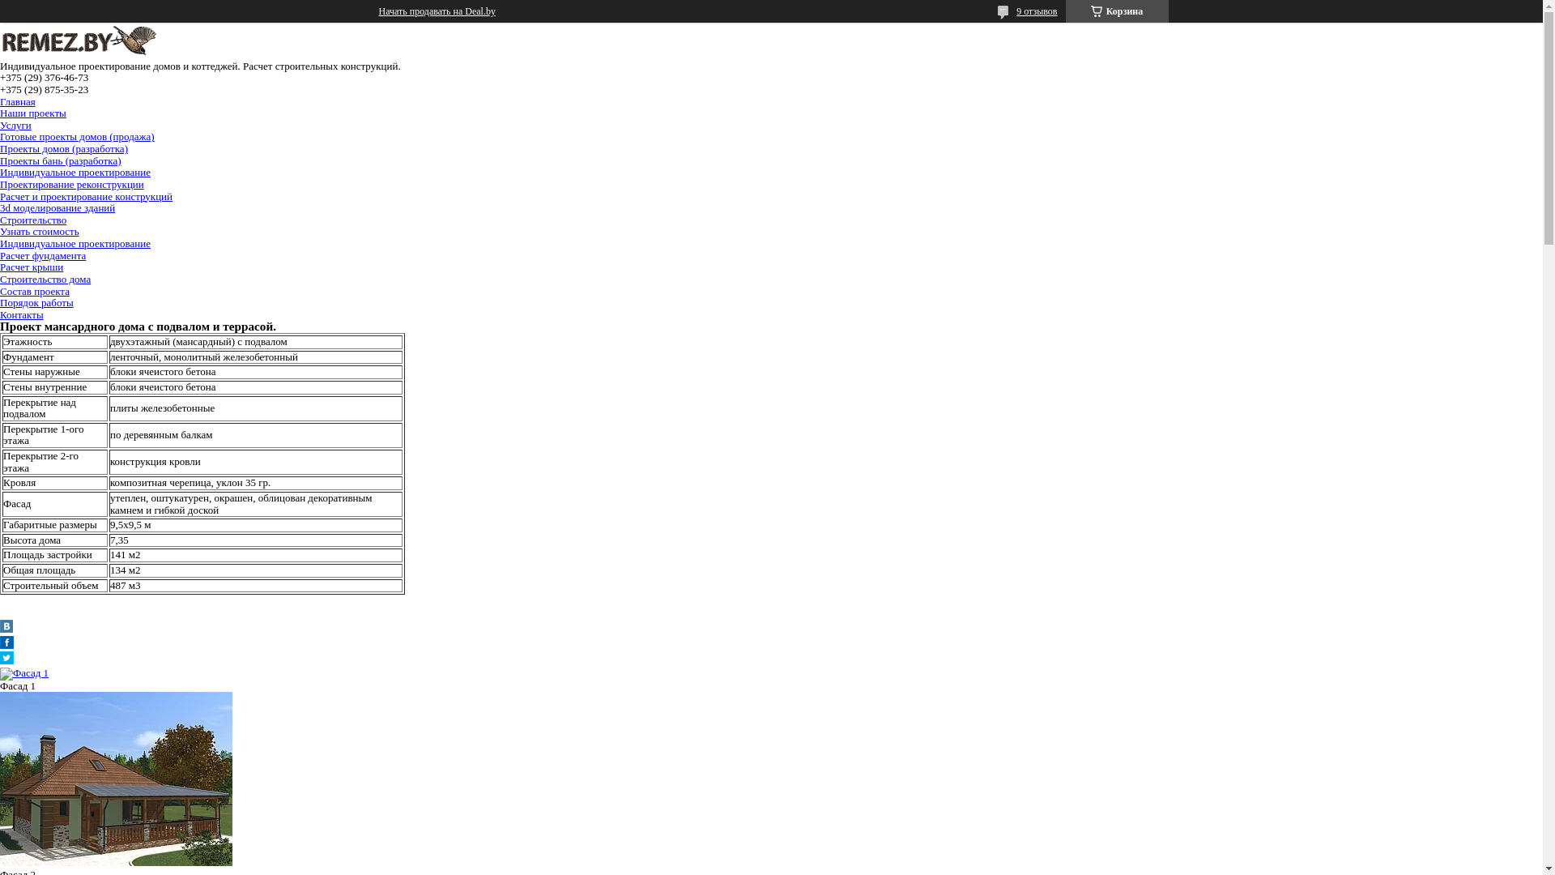  Describe the element at coordinates (6, 660) in the screenshot. I see `'twitter'` at that location.